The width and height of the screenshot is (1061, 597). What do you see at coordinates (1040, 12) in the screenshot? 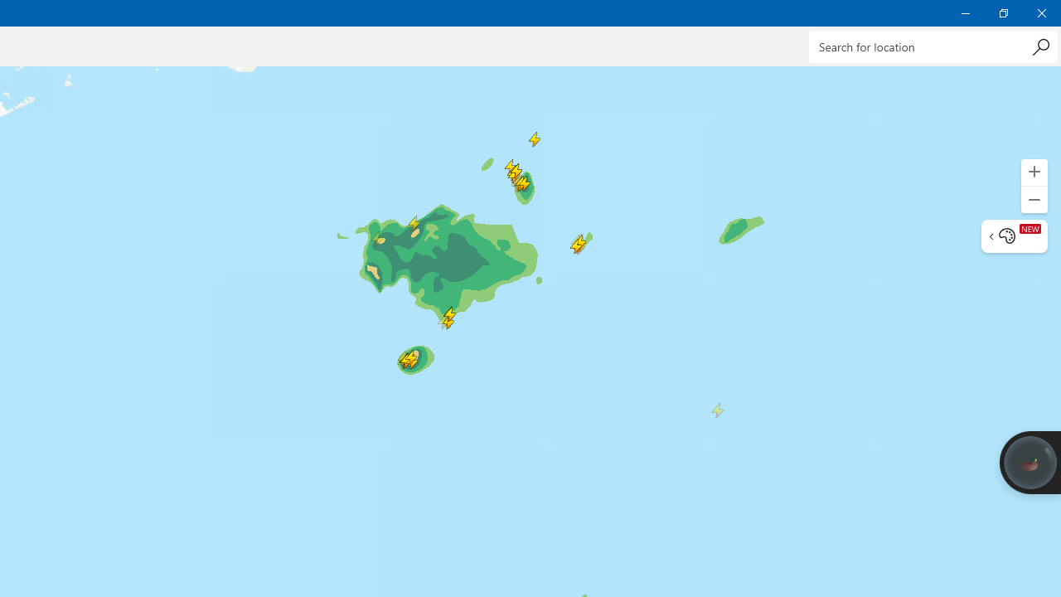
I see `'Close Weather'` at bounding box center [1040, 12].